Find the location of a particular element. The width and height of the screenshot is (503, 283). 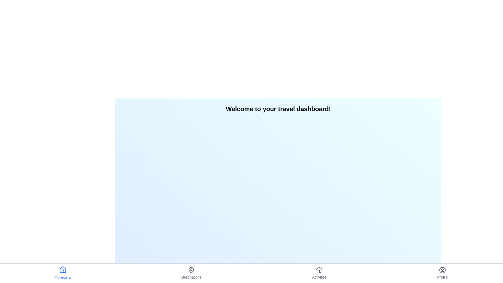

the Navigation Button, which features a map pin icon above the text label 'Destinations', to potentially change its appearance is located at coordinates (191, 273).